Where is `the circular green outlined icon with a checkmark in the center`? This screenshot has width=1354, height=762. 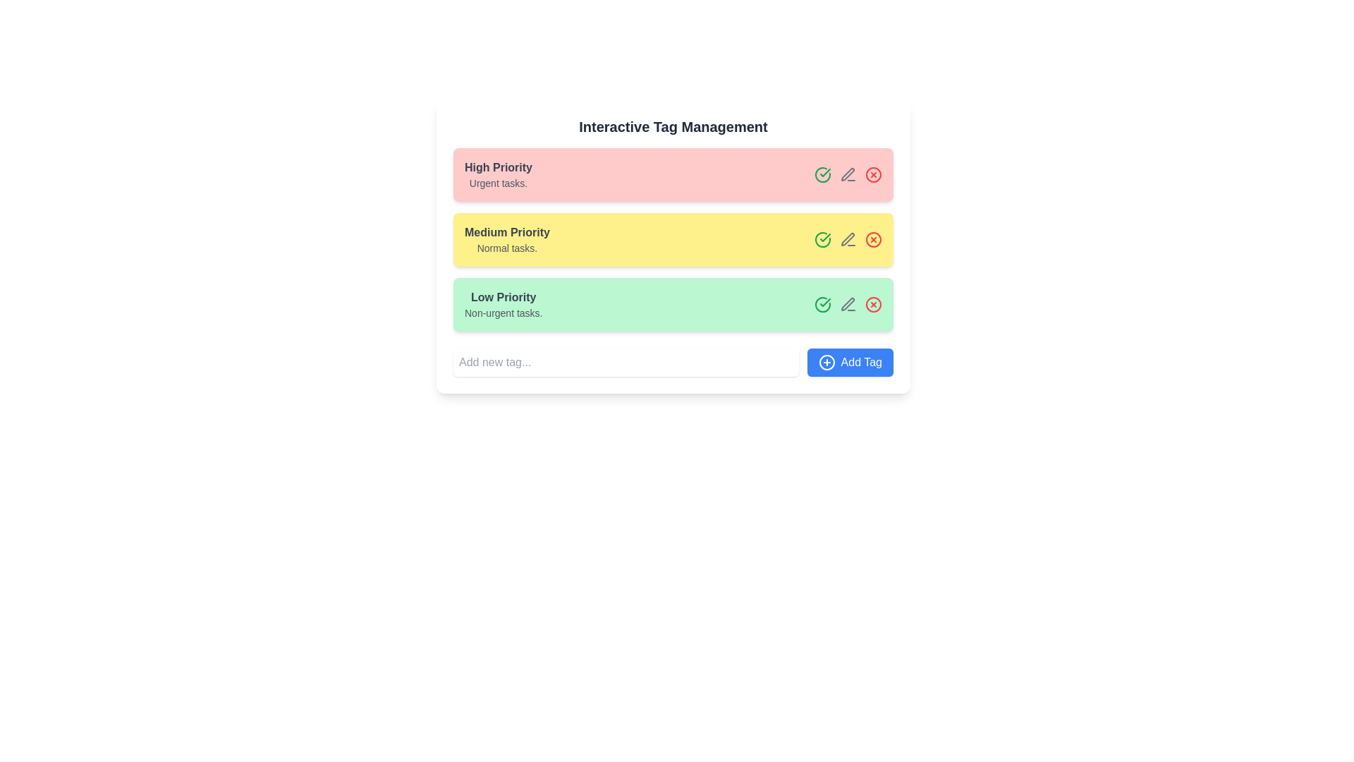
the circular green outlined icon with a checkmark in the center is located at coordinates (822, 304).